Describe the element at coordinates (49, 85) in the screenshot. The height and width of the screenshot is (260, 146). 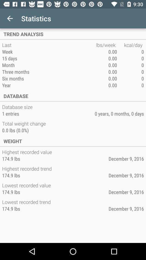
I see `item above database` at that location.